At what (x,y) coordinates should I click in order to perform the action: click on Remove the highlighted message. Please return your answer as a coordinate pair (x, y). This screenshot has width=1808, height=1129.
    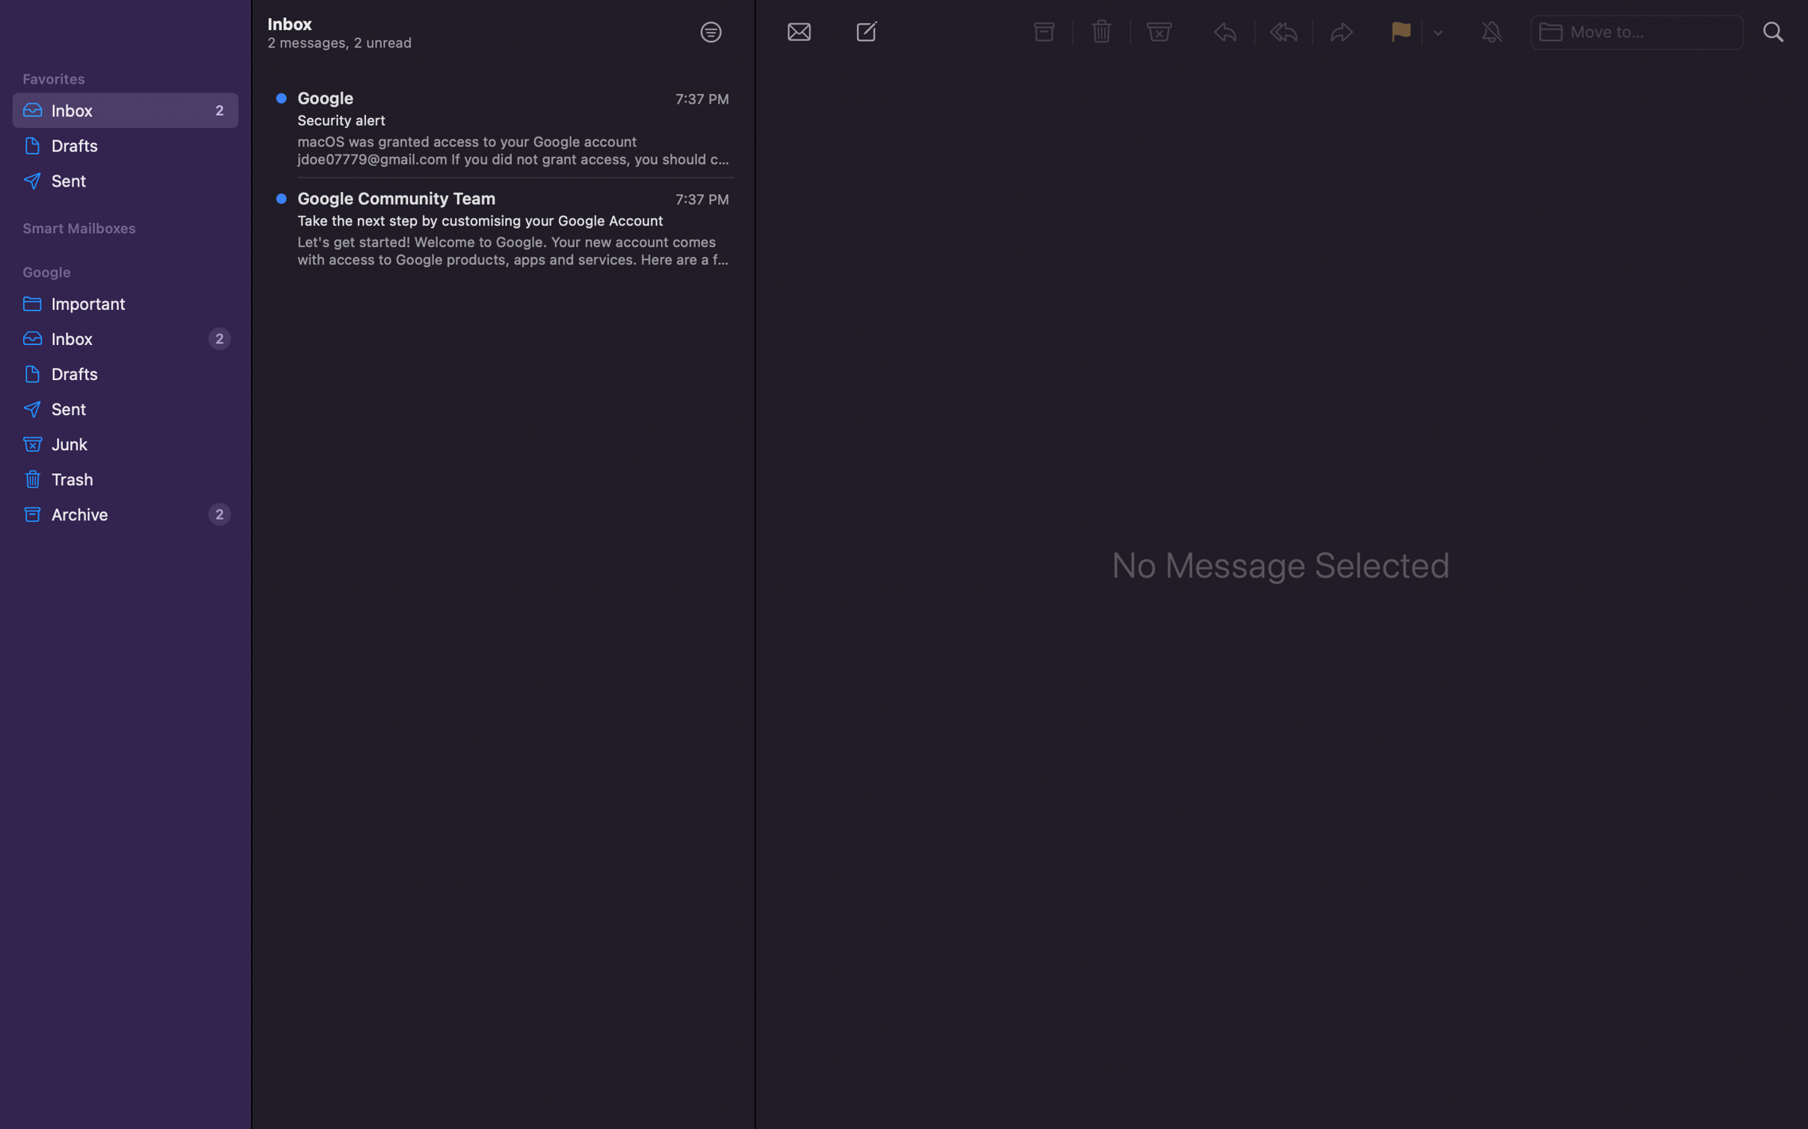
    Looking at the image, I should click on (1103, 31).